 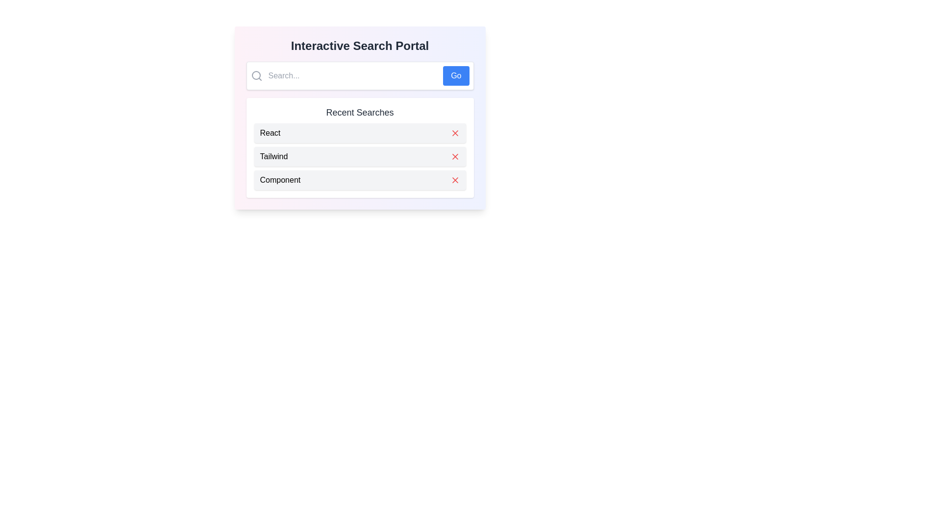 I want to click on the list item labeled 'Tailwind' in the 'Recent Searches' list, so click(x=359, y=156).